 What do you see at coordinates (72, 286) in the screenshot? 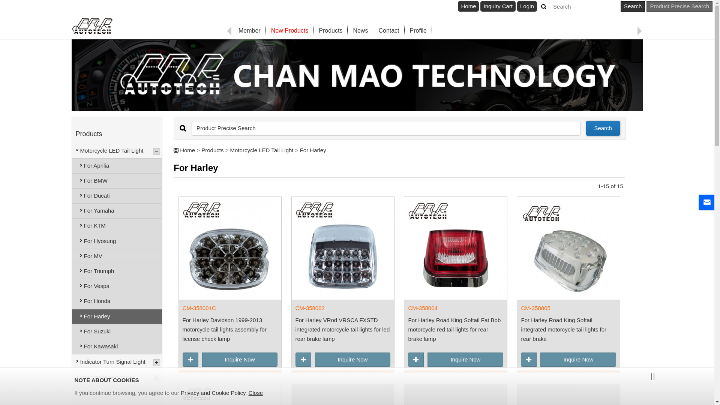
I see `'For Vespa'` at bounding box center [72, 286].